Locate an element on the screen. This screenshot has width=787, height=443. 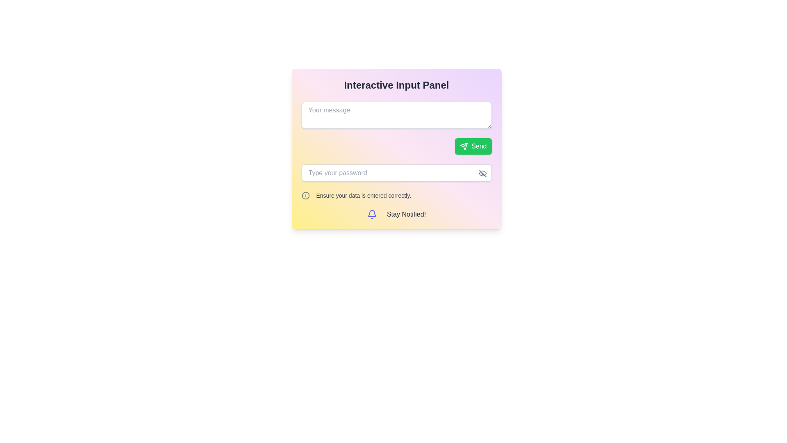
the send message button located at the top right corner of the input field section is located at coordinates (473, 146).